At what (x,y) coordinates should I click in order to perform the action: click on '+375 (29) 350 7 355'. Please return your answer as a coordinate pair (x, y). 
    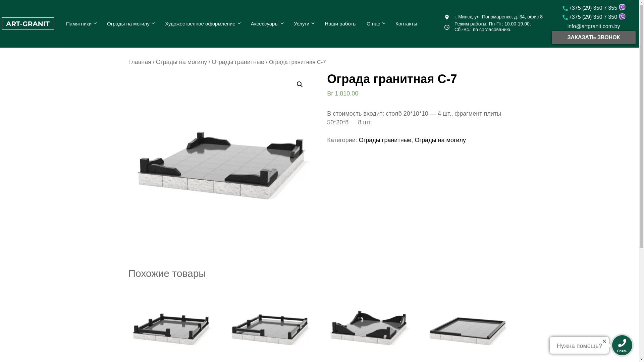
    Looking at the image, I should click on (590, 8).